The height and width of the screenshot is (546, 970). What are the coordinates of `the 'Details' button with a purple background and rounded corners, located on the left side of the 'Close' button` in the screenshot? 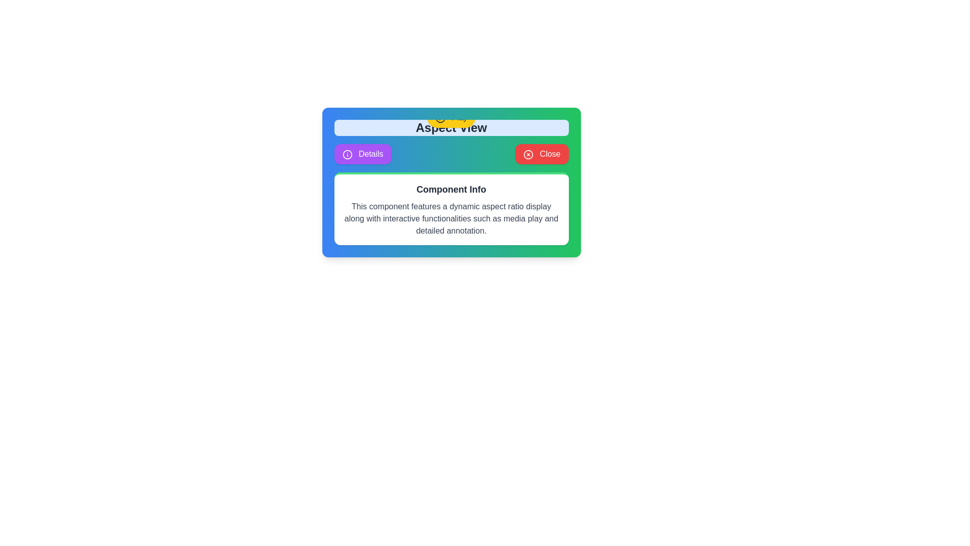 It's located at (363, 154).